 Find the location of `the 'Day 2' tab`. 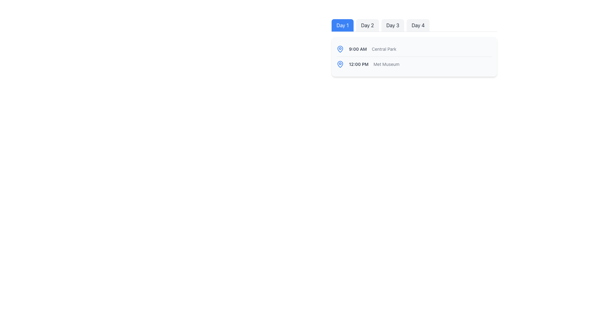

the 'Day 2' tab is located at coordinates (367, 25).